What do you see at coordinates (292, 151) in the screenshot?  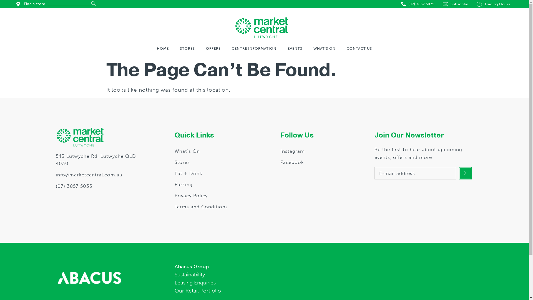 I see `'Instagram'` at bounding box center [292, 151].